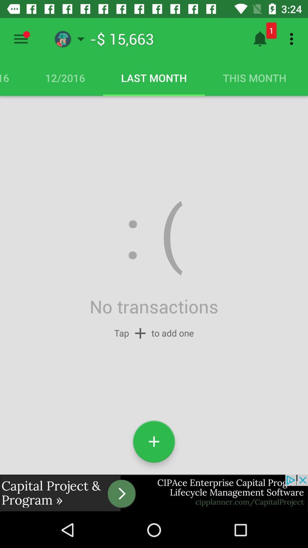  Describe the element at coordinates (154, 493) in the screenshot. I see `advertisement banner` at that location.